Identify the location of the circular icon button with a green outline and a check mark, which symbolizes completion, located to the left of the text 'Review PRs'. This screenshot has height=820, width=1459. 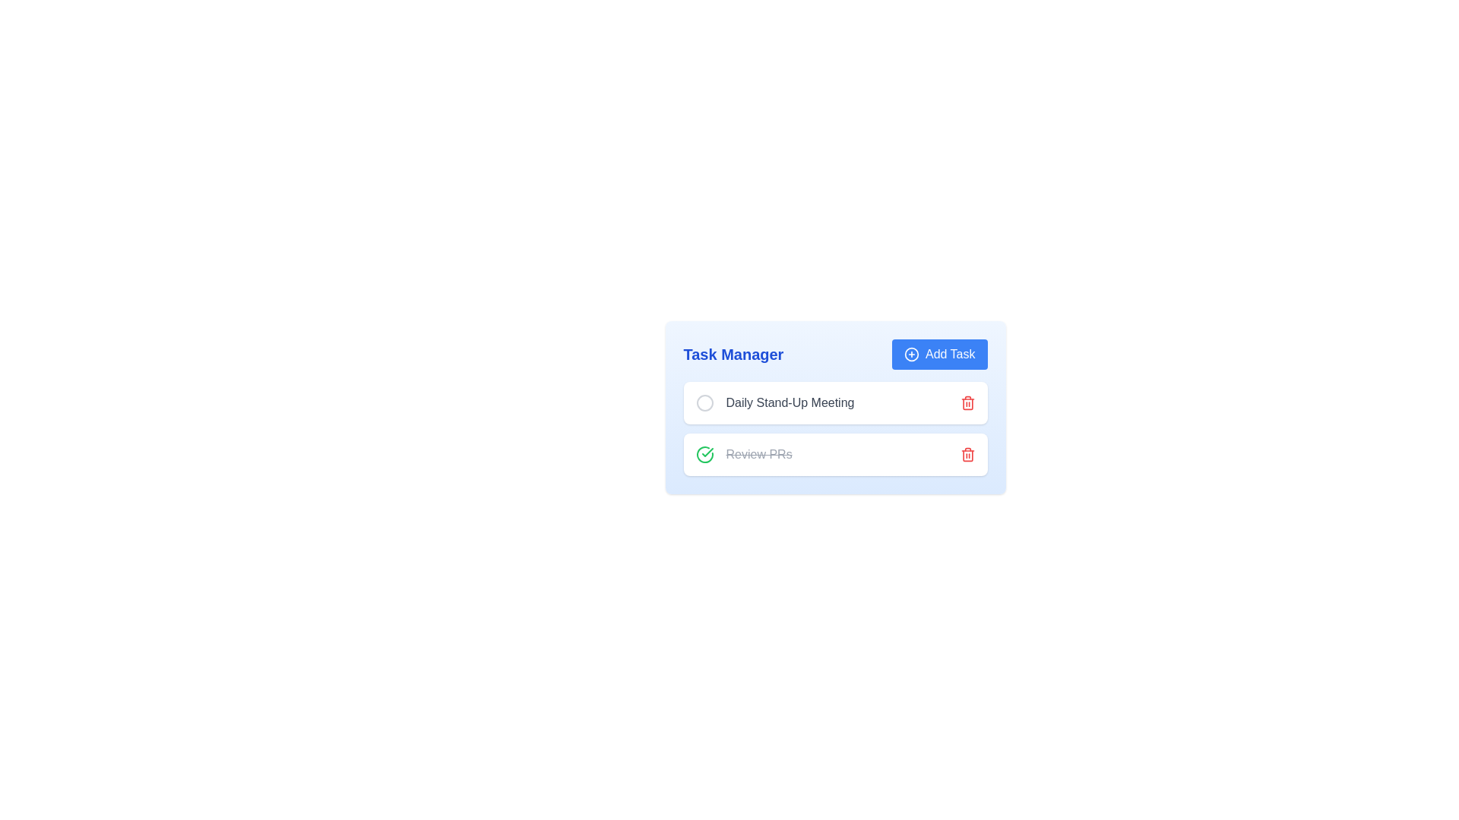
(704, 453).